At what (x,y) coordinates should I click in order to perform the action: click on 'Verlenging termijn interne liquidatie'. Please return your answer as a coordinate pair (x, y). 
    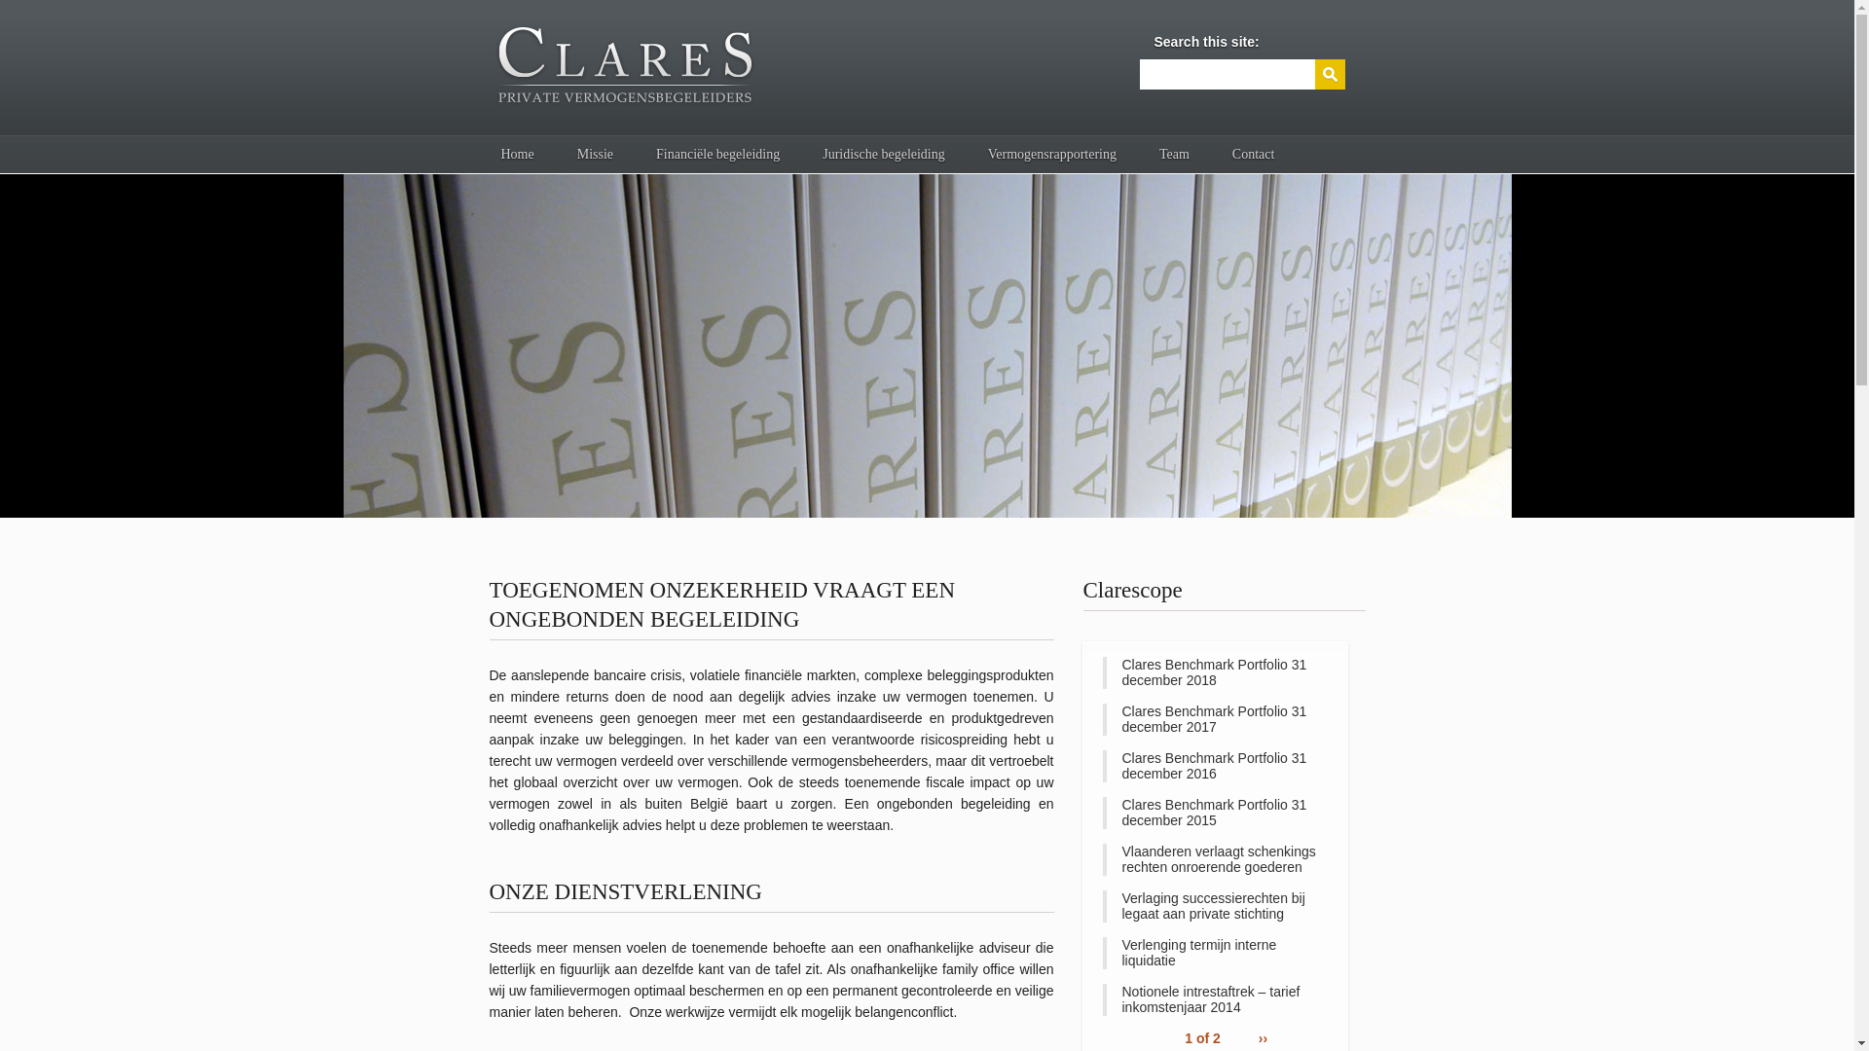
    Looking at the image, I should click on (1213, 952).